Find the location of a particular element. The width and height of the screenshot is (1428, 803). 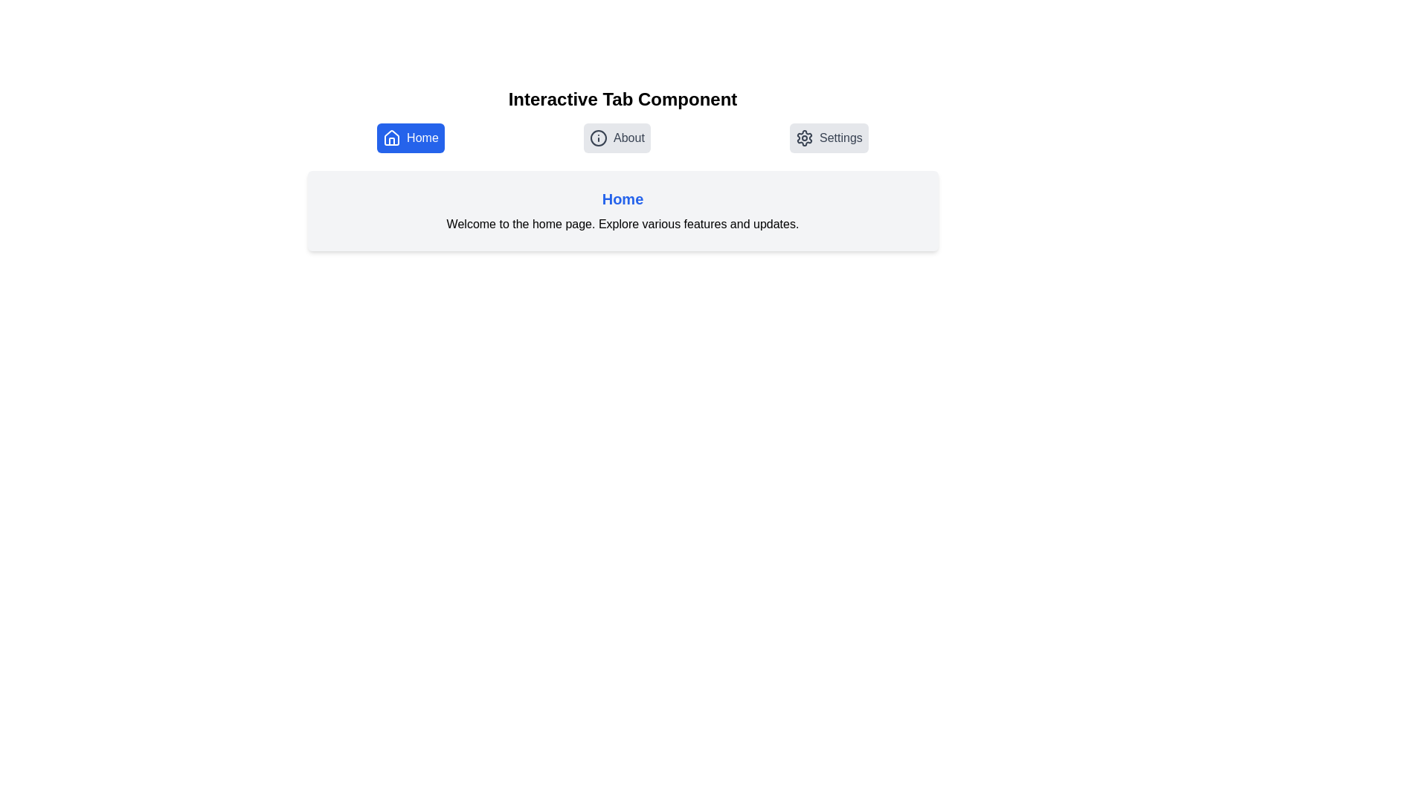

the tab icon labeled Home to explore its content is located at coordinates (411, 138).